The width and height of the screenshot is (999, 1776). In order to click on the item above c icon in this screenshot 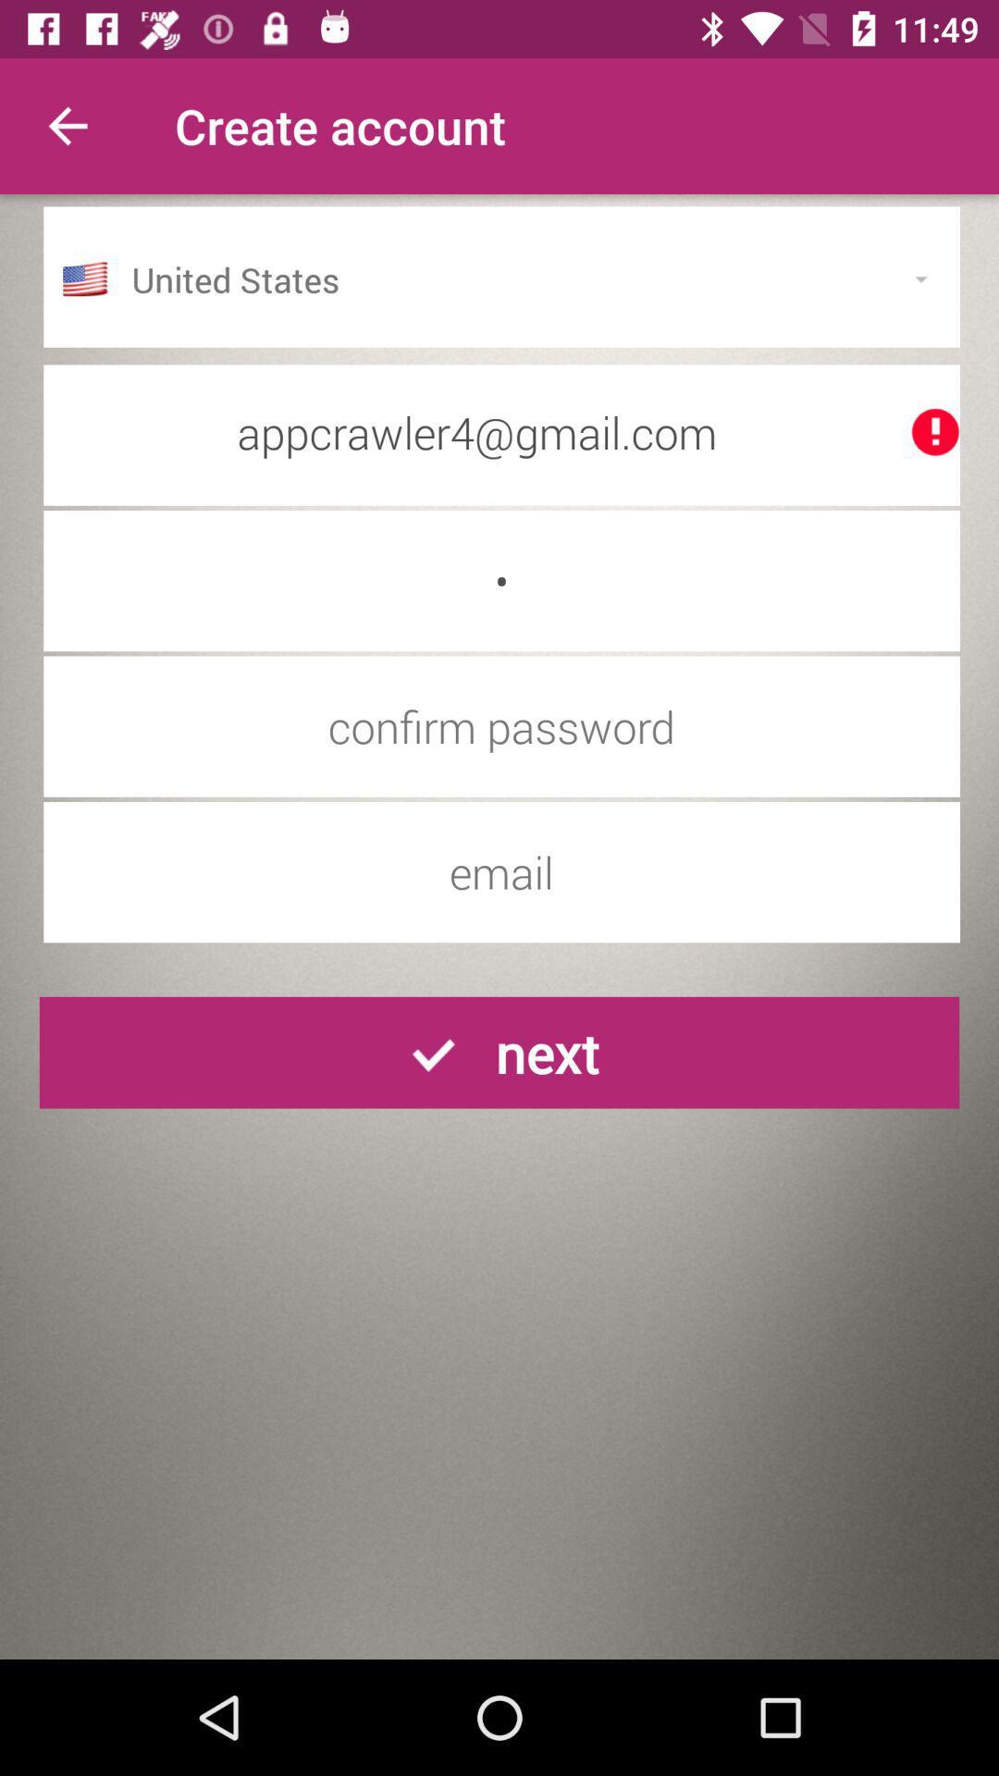, I will do `click(501, 431)`.